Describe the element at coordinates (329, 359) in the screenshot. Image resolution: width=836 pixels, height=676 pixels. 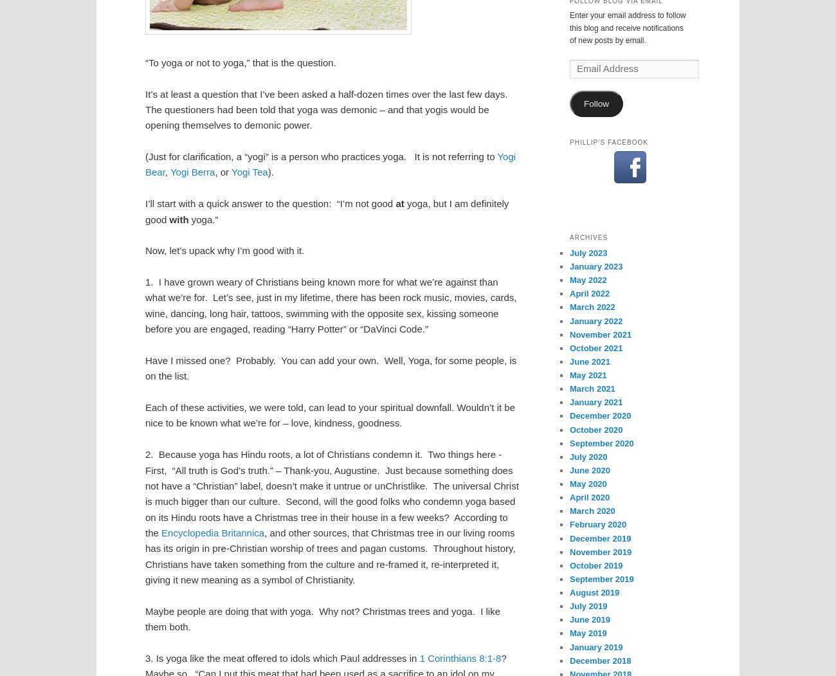
I see `'You can add your own.'` at that location.